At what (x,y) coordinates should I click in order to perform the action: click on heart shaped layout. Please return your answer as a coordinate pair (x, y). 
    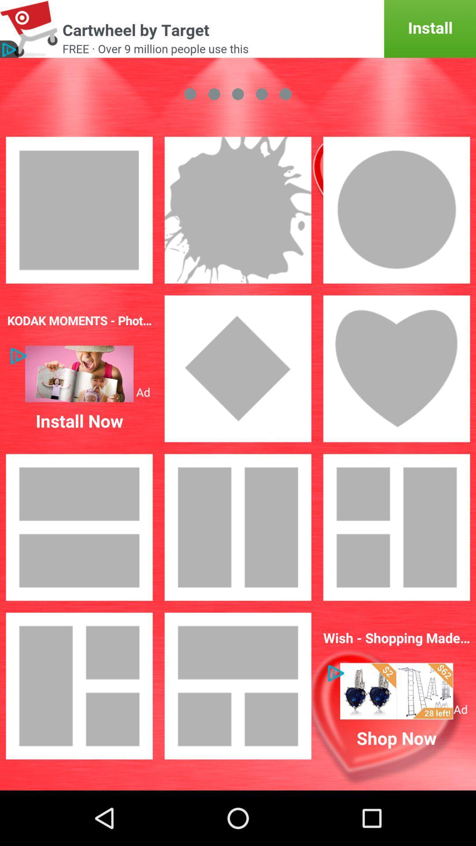
    Looking at the image, I should click on (396, 368).